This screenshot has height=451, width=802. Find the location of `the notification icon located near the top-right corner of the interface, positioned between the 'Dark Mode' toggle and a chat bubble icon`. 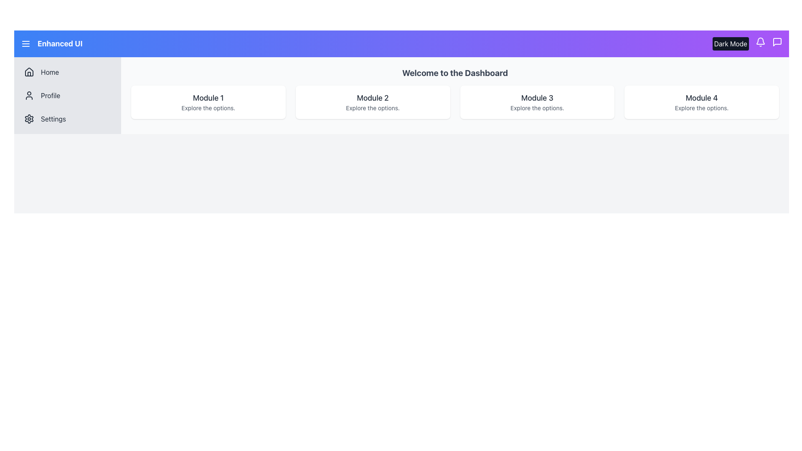

the notification icon located near the top-right corner of the interface, positioned between the 'Dark Mode' toggle and a chat bubble icon is located at coordinates (760, 41).